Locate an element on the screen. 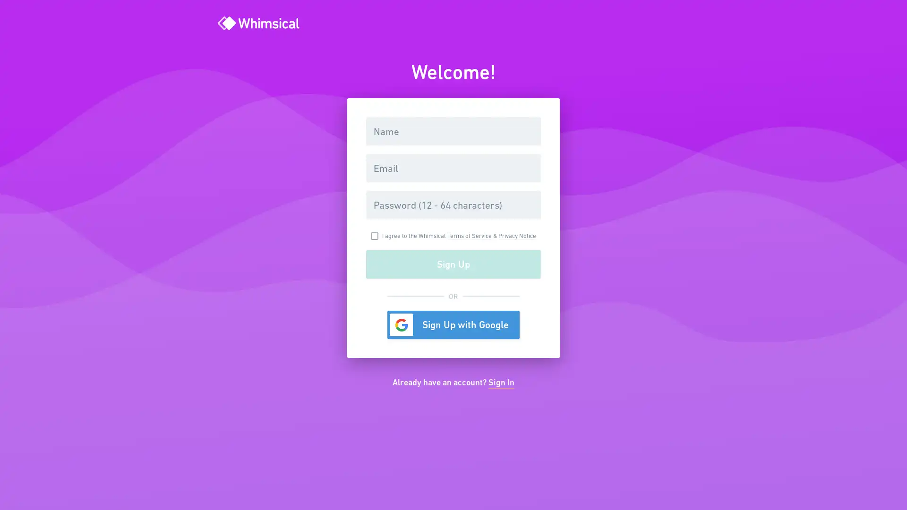 The image size is (907, 510). Sign Up is located at coordinates (453, 264).